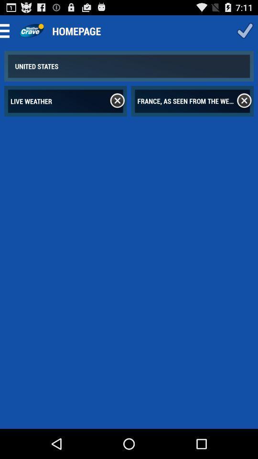 The width and height of the screenshot is (258, 459). I want to click on the close icon, so click(244, 108).